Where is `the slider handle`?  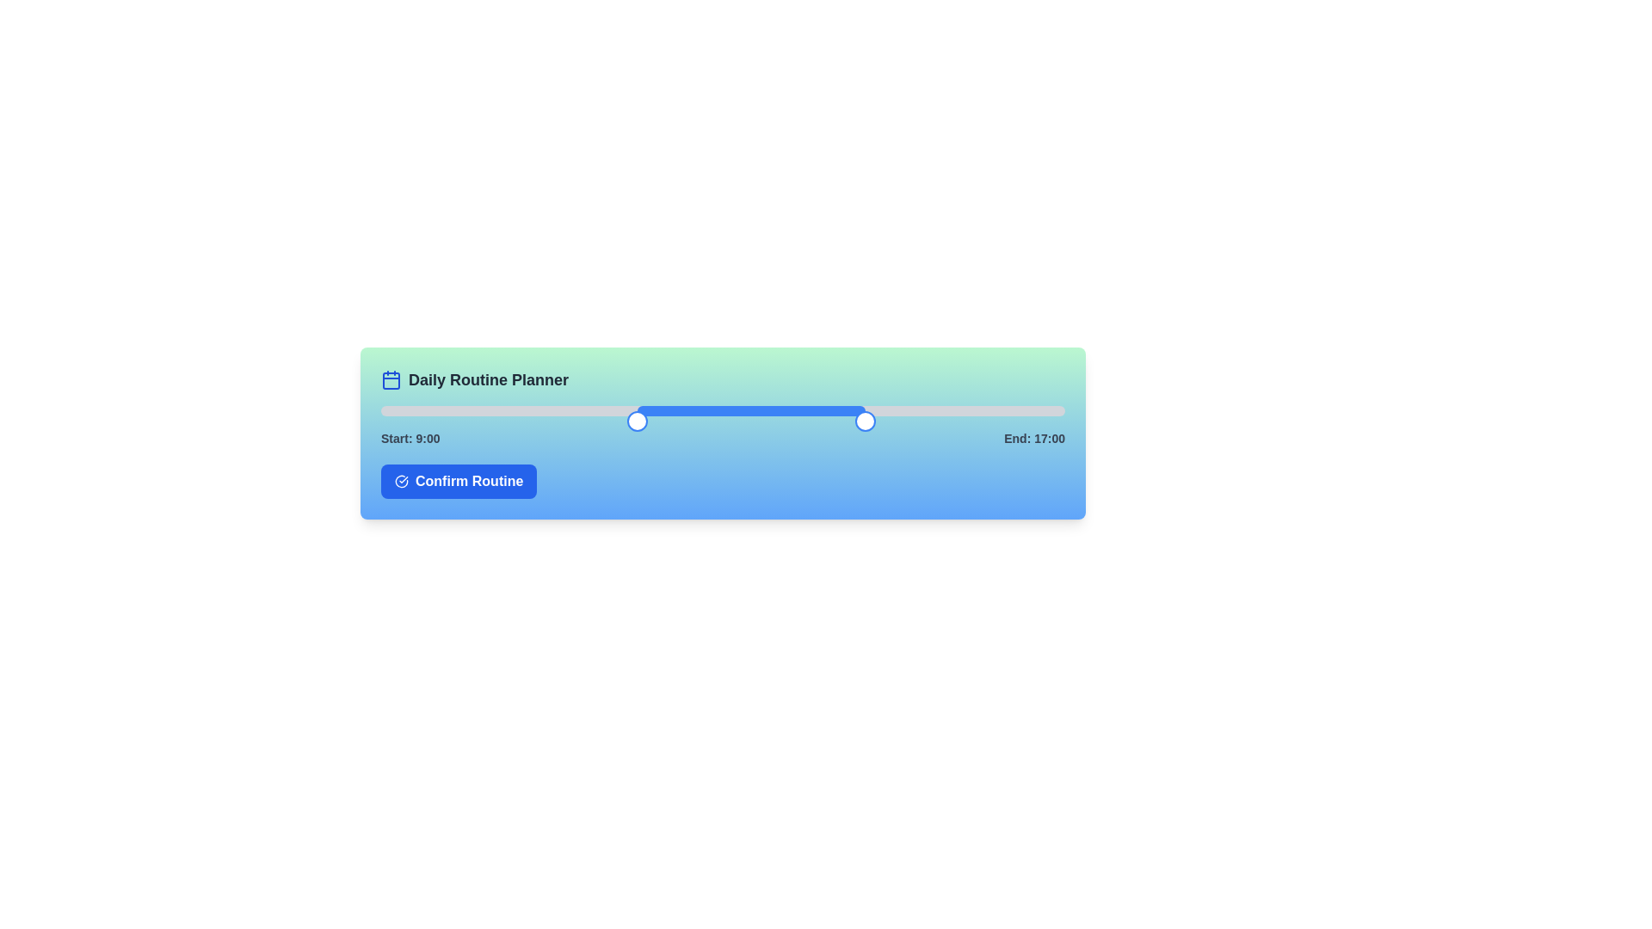
the slider handle is located at coordinates (438, 421).